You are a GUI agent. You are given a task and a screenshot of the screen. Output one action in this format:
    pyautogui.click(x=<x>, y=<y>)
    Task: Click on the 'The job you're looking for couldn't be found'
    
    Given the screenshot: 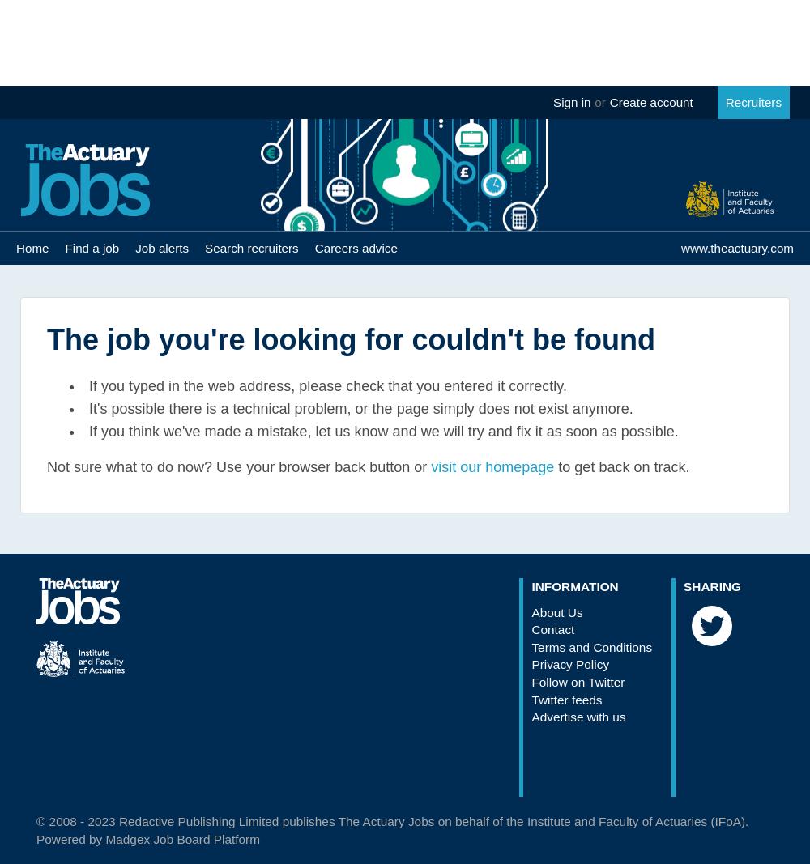 What is the action you would take?
    pyautogui.click(x=351, y=338)
    